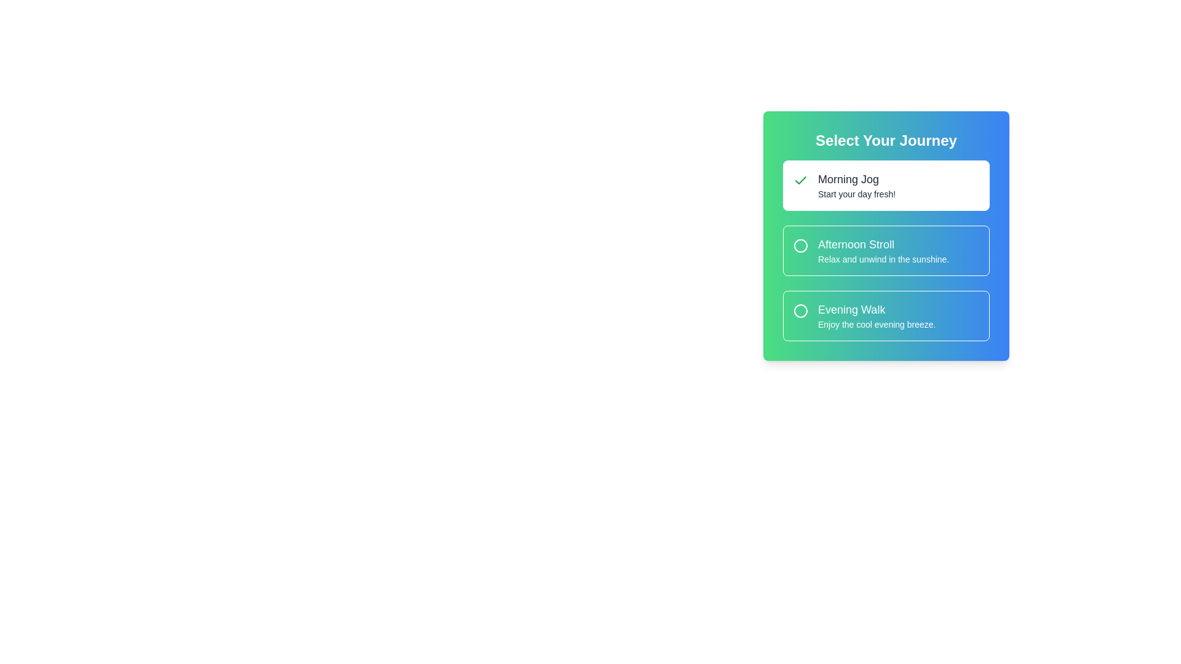 This screenshot has height=664, width=1181. What do you see at coordinates (800, 246) in the screenshot?
I see `the radio button next to the 'Afternoon Stroll' option` at bounding box center [800, 246].